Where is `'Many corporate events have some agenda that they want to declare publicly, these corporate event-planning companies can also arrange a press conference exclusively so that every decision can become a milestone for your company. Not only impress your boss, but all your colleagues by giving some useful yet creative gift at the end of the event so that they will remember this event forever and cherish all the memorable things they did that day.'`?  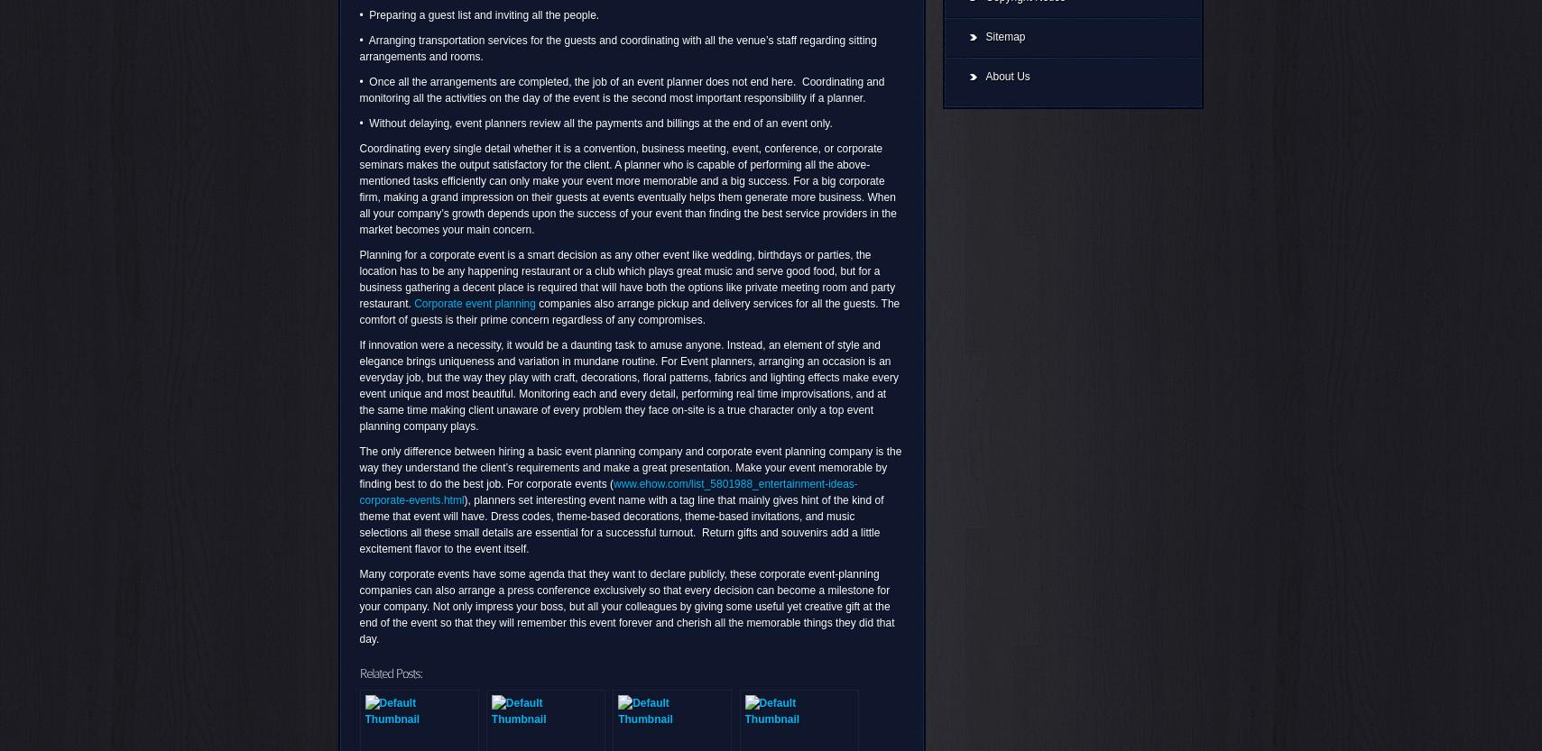 'Many corporate events have some agenda that they want to declare publicly, these corporate event-planning companies can also arrange a press conference exclusively so that every decision can become a milestone for your company. Not only impress your boss, but all your colleagues by giving some useful yet creative gift at the end of the event so that they will remember this event forever and cherish all the memorable things they did that day.' is located at coordinates (358, 605).